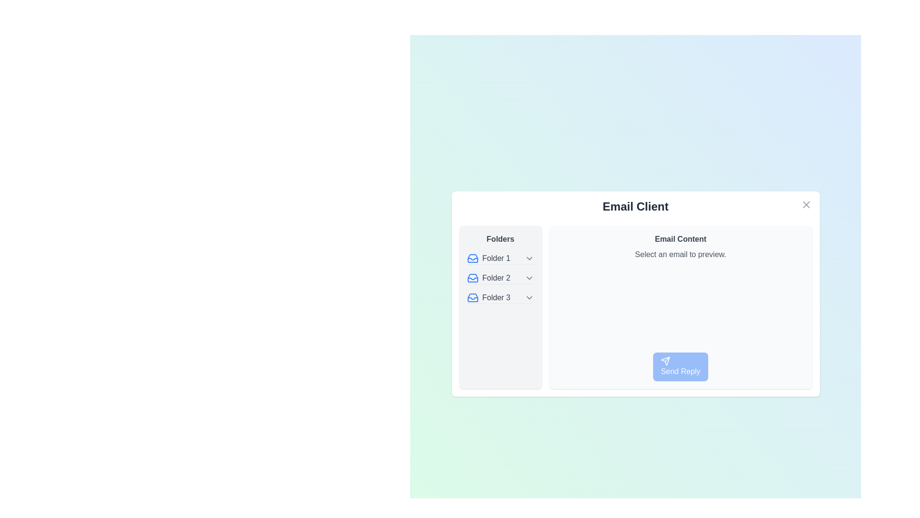 The height and width of the screenshot is (518, 920). Describe the element at coordinates (529, 278) in the screenshot. I see `the downward-facing chevron icon next to 'Folder 2' in the left-hand menu` at that location.